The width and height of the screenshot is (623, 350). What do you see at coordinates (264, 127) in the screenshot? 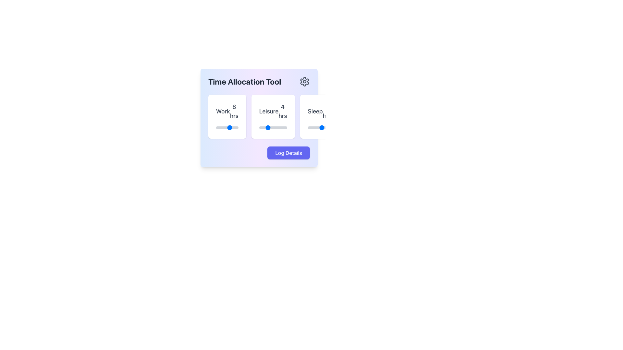
I see `the leisure time slider` at bounding box center [264, 127].